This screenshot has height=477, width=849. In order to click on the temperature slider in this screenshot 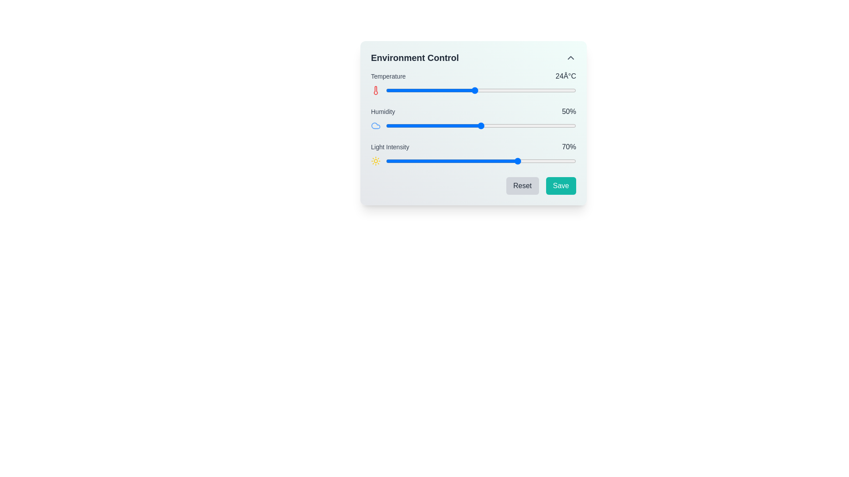, I will do `click(493, 90)`.